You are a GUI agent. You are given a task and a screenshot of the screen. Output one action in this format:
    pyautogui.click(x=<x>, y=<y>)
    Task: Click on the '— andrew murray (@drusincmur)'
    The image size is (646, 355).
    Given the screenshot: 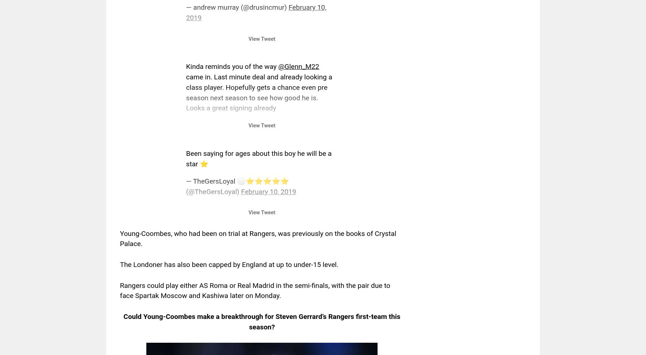 What is the action you would take?
    pyautogui.click(x=237, y=7)
    